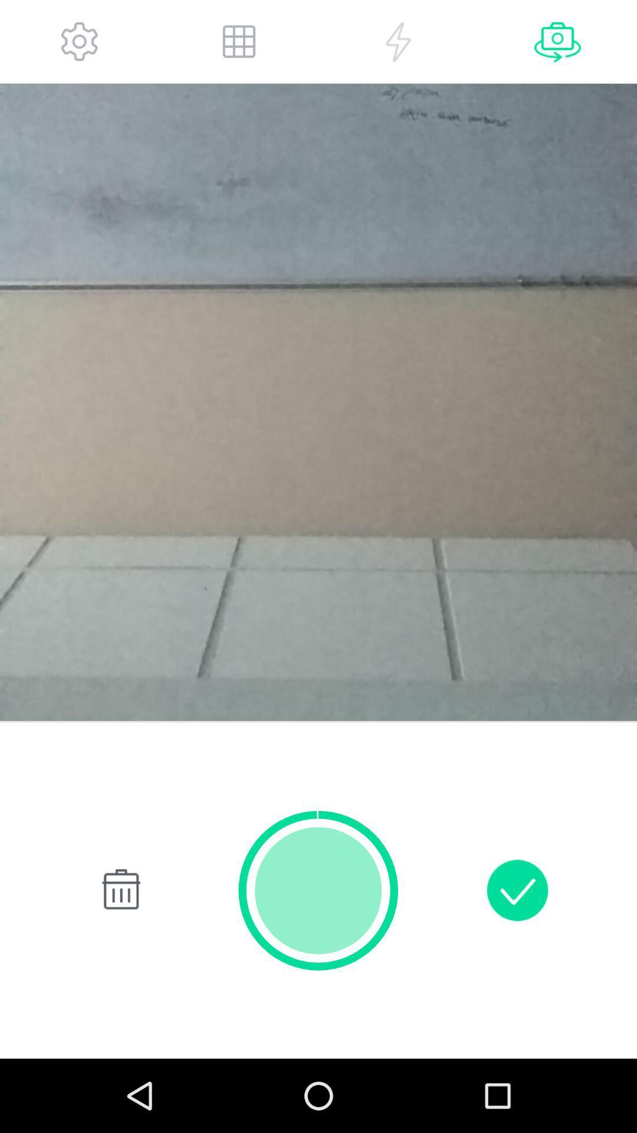 This screenshot has width=637, height=1133. What do you see at coordinates (239, 44) in the screenshot?
I see `the more icon` at bounding box center [239, 44].